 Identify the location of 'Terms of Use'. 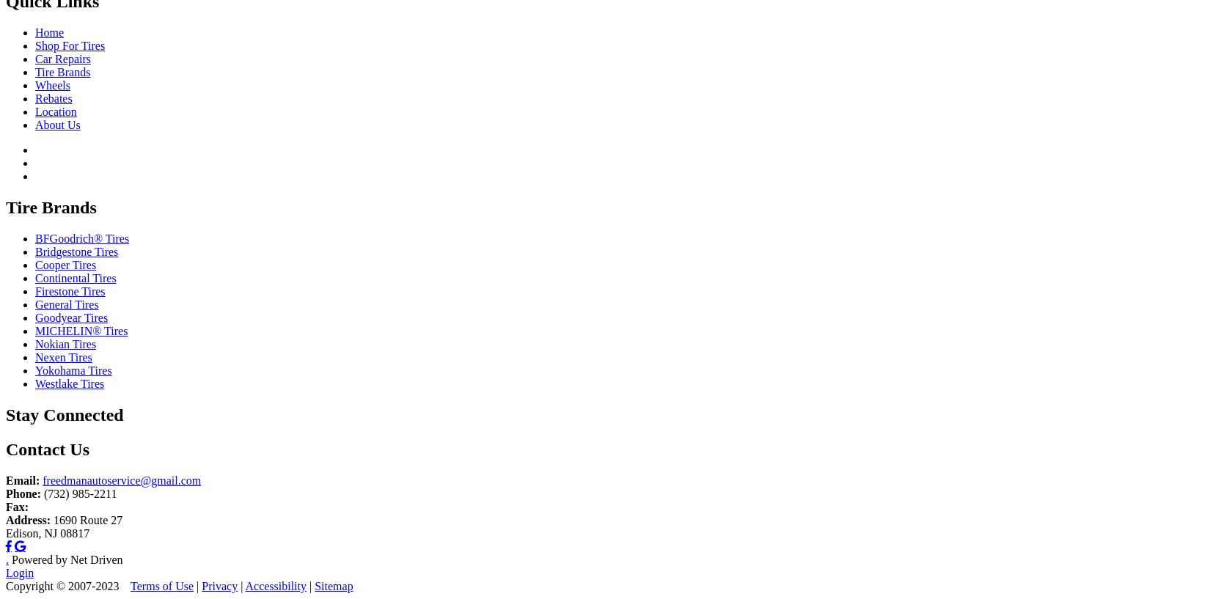
(161, 585).